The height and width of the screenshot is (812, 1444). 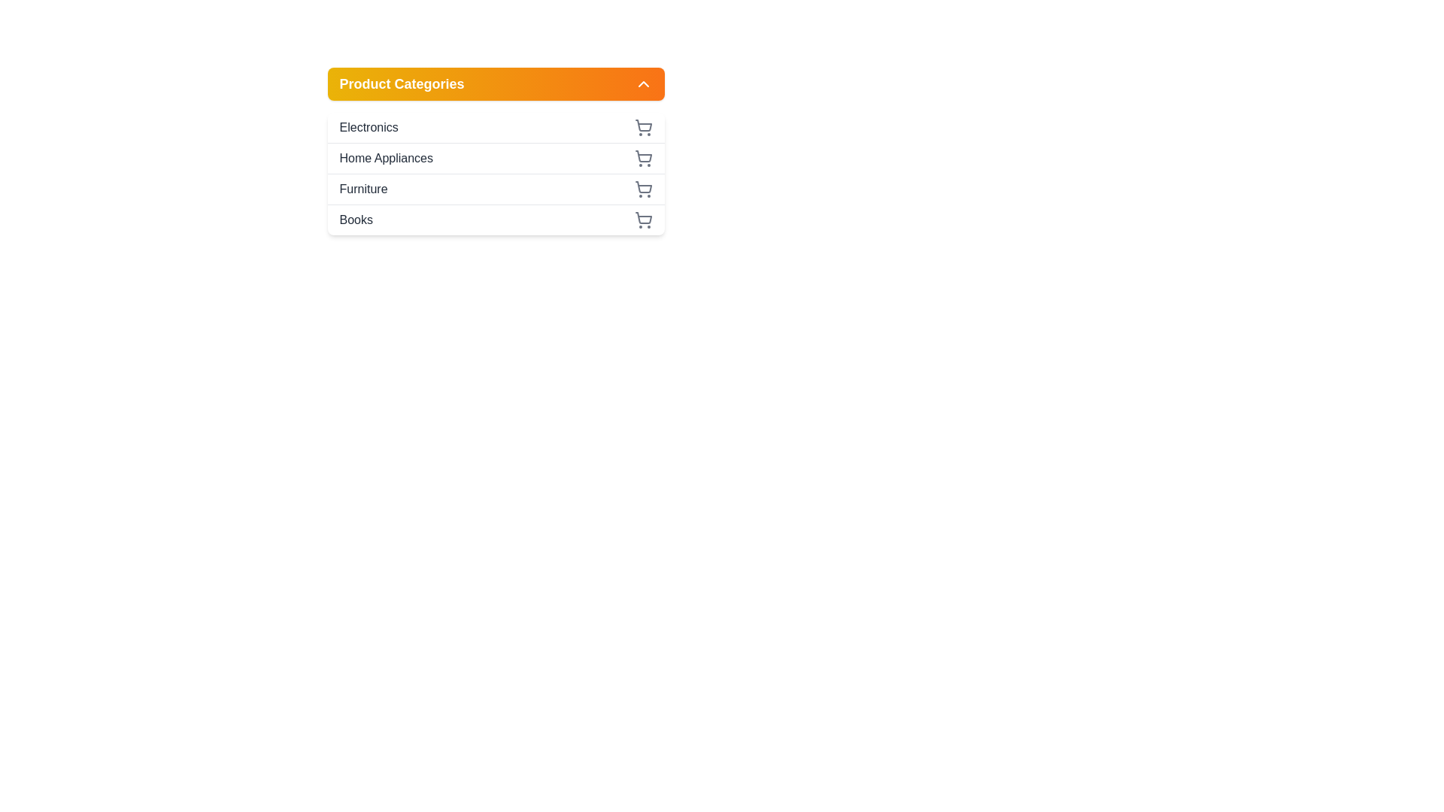 What do you see at coordinates (643, 125) in the screenshot?
I see `the shopping cart icon located in the 'Electronics' category row of the 'Product Categories' menu, depicted in an outline style` at bounding box center [643, 125].